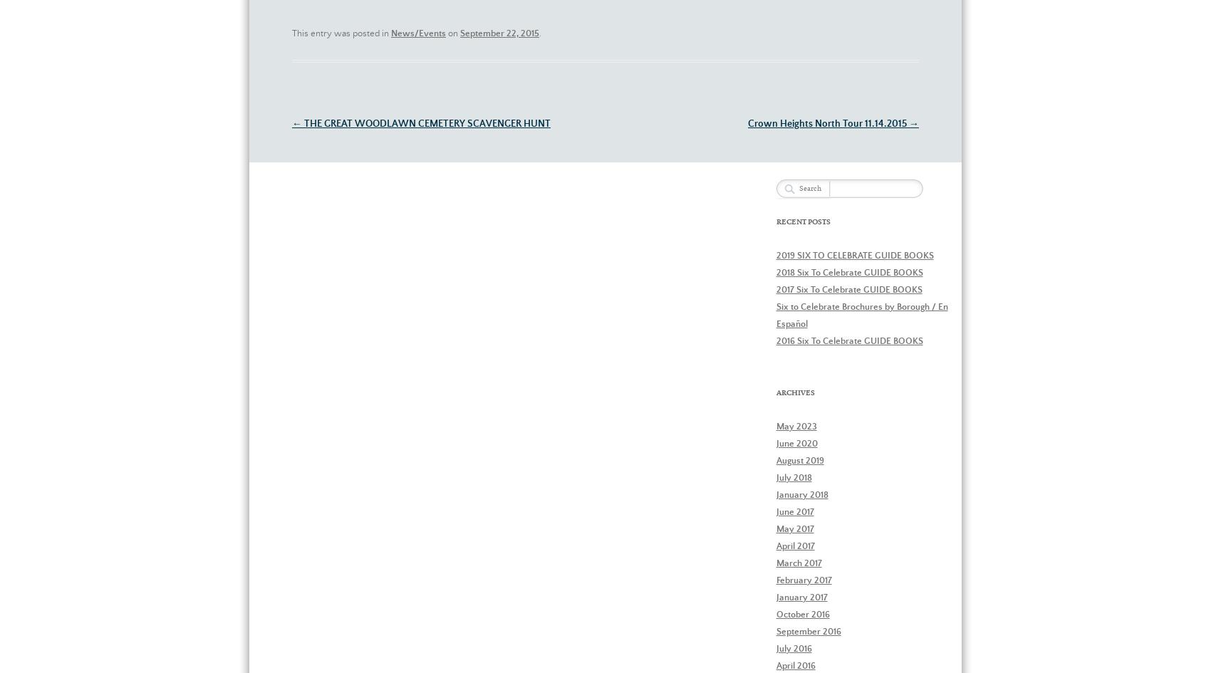  Describe the element at coordinates (795, 392) in the screenshot. I see `'Archives'` at that location.